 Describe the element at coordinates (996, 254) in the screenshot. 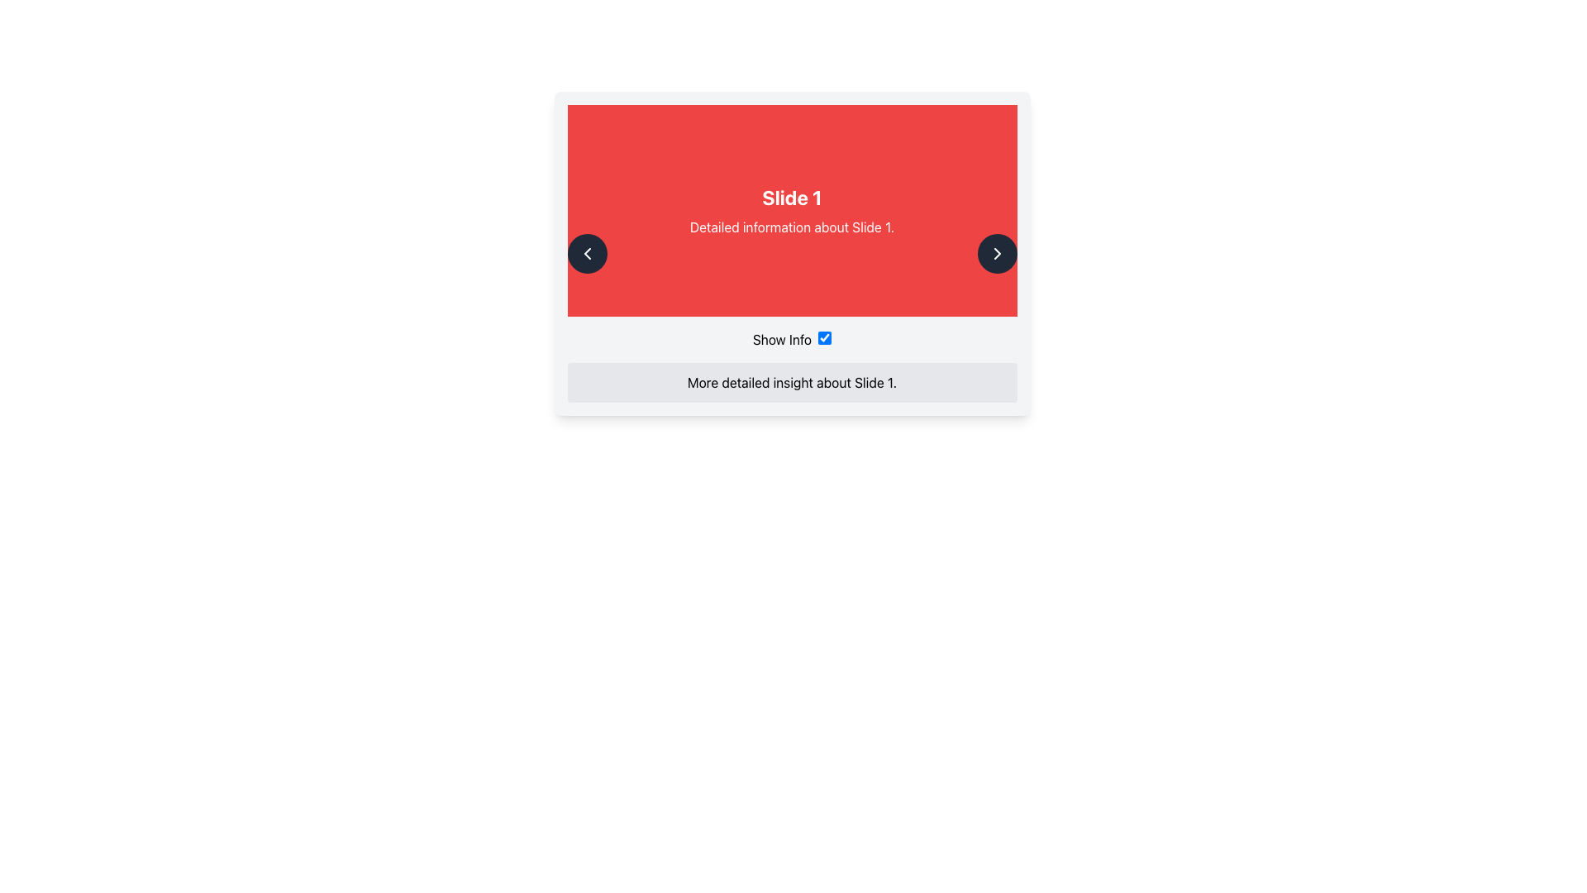

I see `the right-facing chevron-shaped SVG icon embedded in the circular button located on the right side of the red area titled 'Slide 1' for a visual effect` at that location.